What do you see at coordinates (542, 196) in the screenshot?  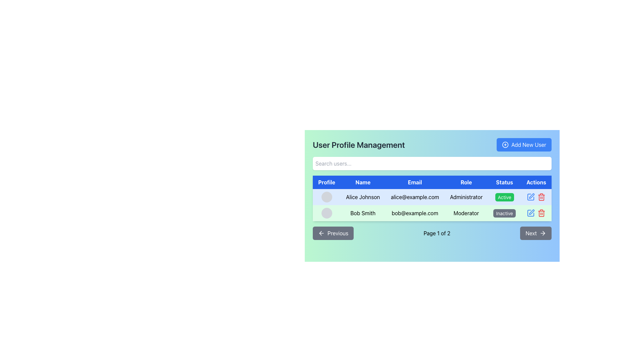 I see `the delete button icon for user 'Alice Johnson' in the 'Actions' column` at bounding box center [542, 196].